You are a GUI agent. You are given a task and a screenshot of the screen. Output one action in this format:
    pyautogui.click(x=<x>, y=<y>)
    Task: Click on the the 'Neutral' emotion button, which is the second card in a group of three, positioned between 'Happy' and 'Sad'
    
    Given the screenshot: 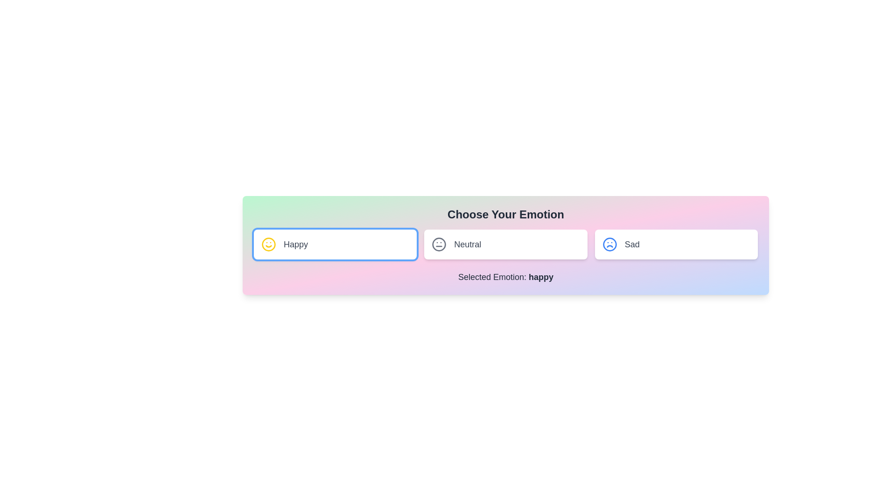 What is the action you would take?
    pyautogui.click(x=505, y=244)
    